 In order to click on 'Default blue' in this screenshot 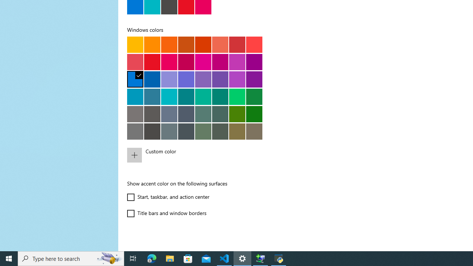, I will do `click(135, 79)`.